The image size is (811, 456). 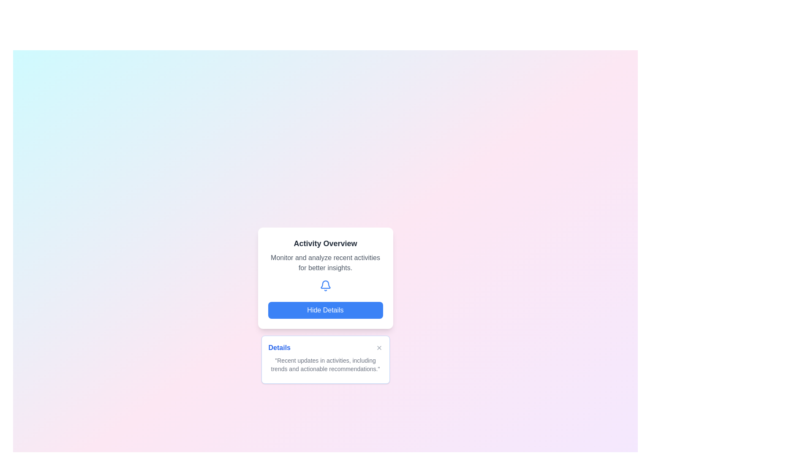 What do you see at coordinates (325, 310) in the screenshot?
I see `the button located below the 'Activity Overview' heading to trigger hover effects` at bounding box center [325, 310].